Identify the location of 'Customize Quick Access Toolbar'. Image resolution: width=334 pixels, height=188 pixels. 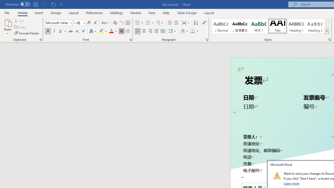
(61, 4).